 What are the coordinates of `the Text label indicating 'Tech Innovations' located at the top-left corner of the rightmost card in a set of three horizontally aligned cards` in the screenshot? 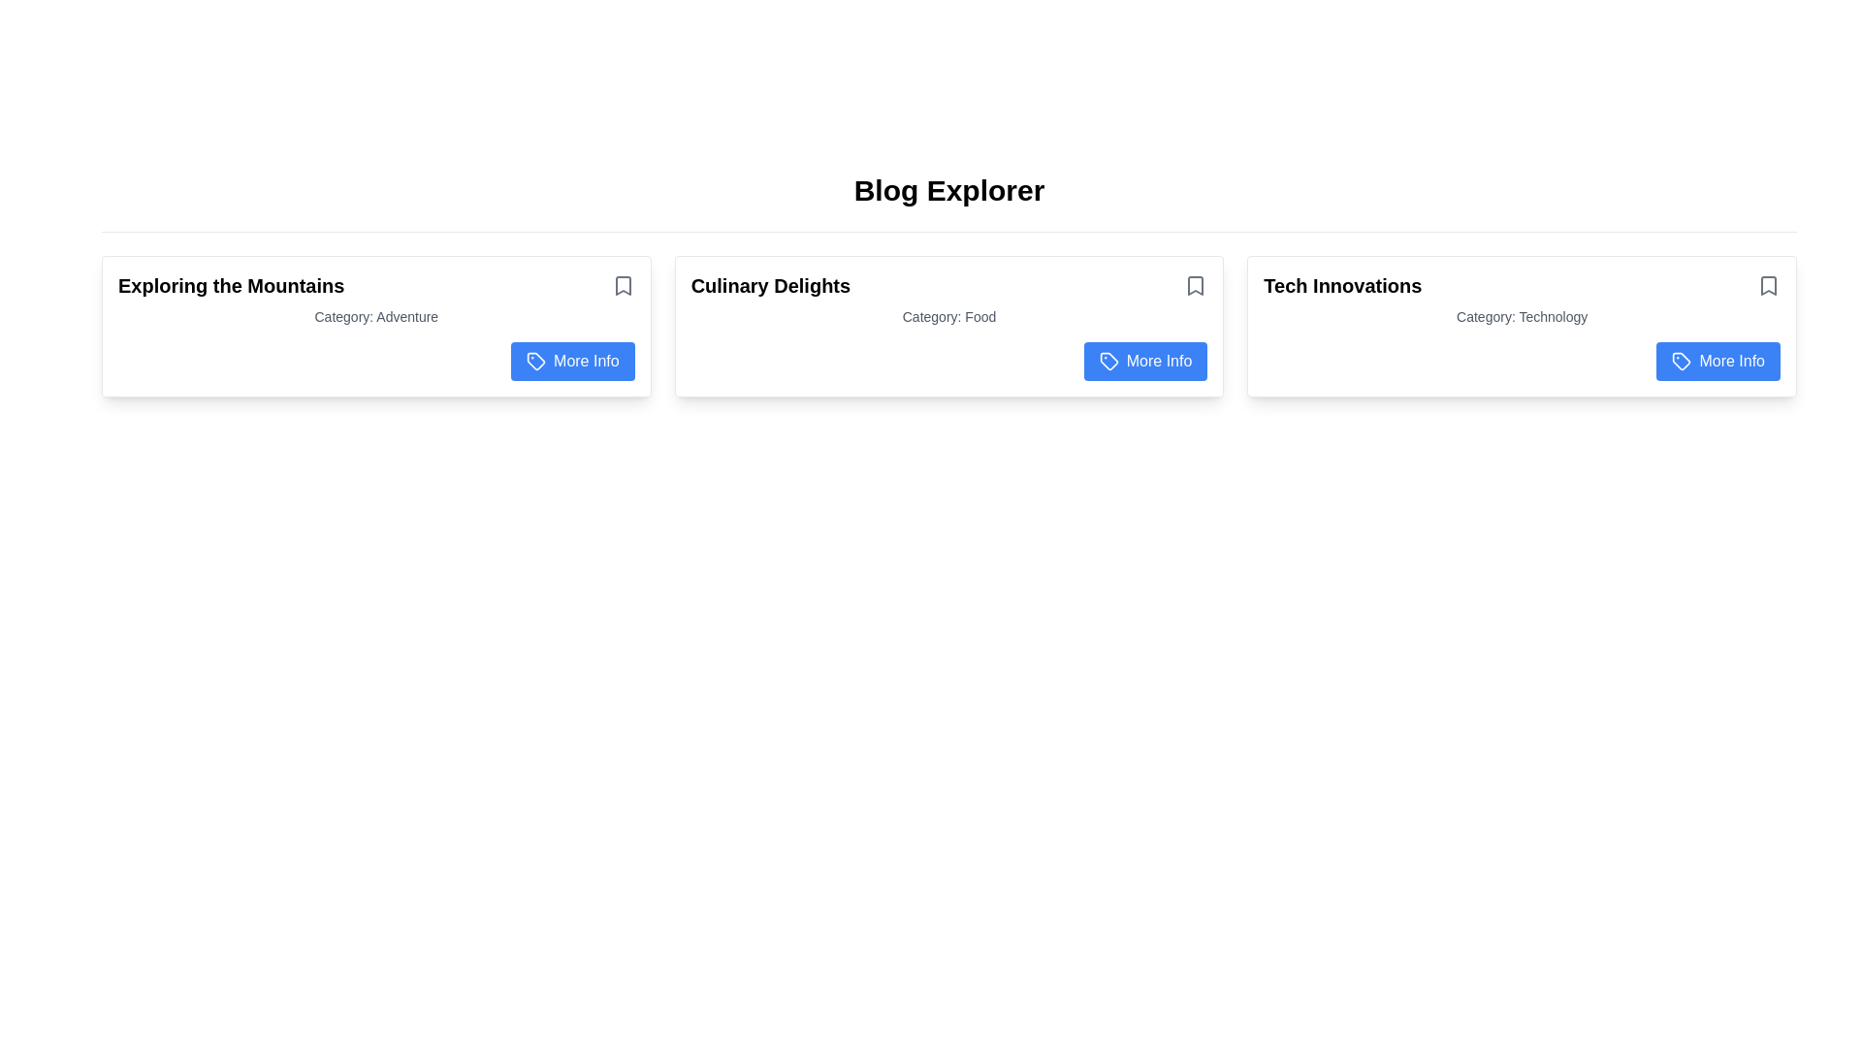 It's located at (1341, 285).